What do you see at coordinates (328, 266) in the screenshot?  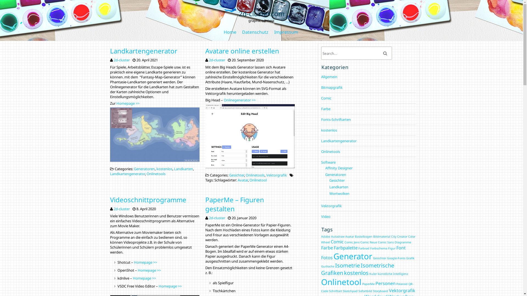 I see `'Guilloche'` at bounding box center [328, 266].